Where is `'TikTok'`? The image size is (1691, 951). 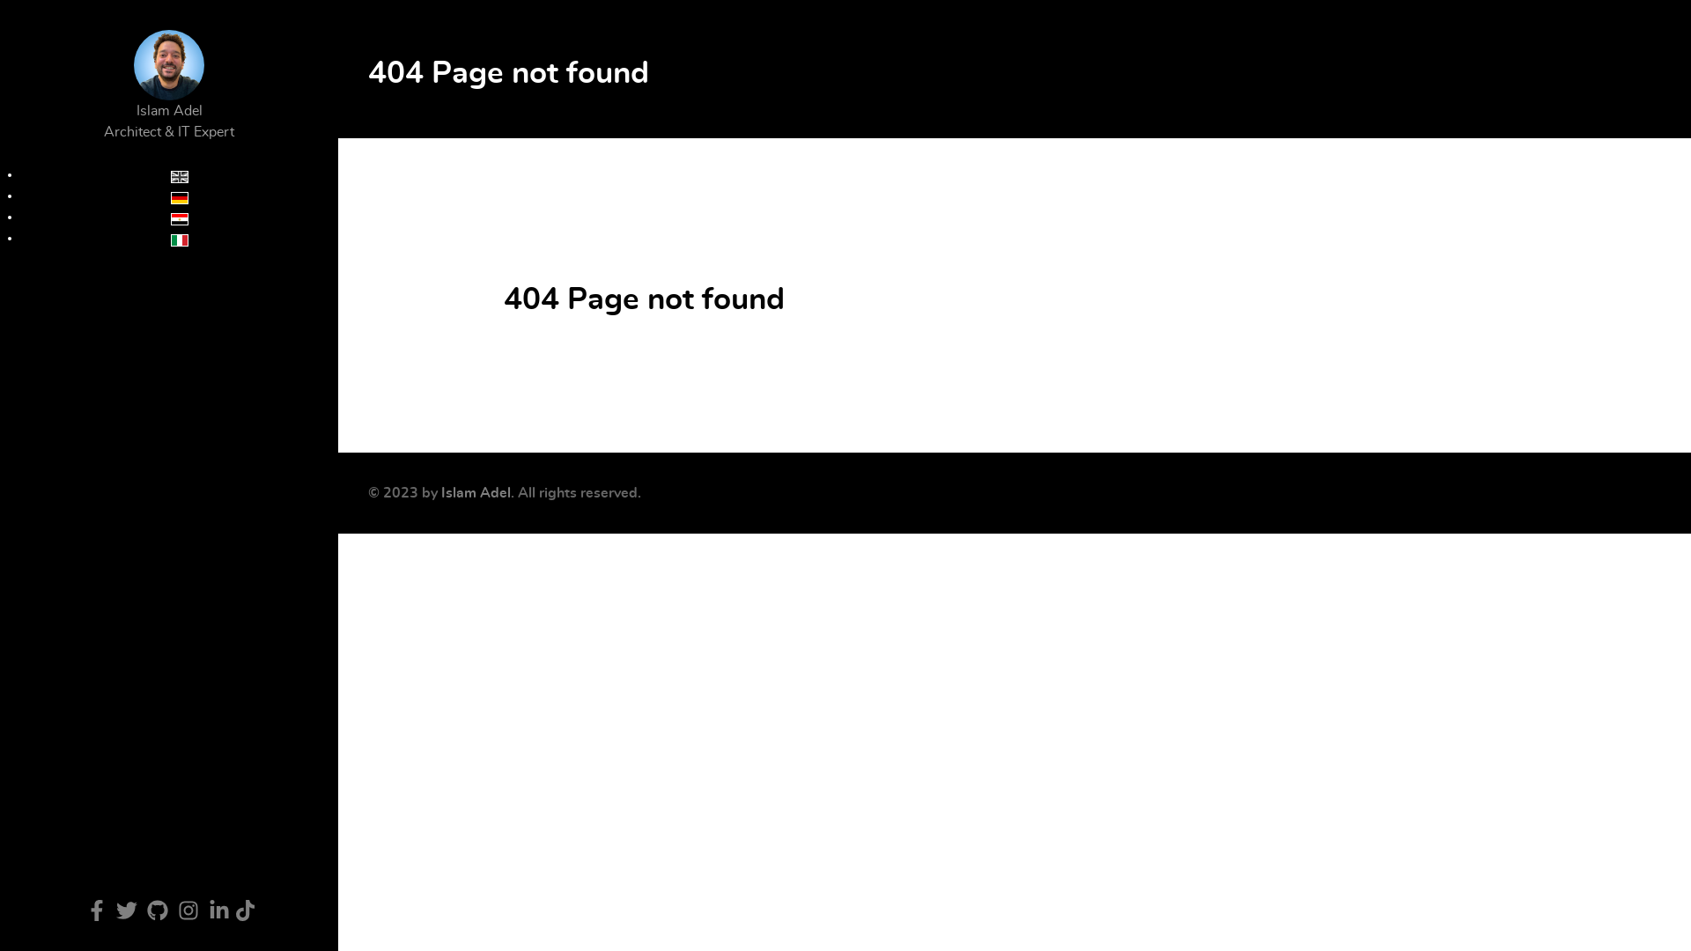 'TikTok' is located at coordinates (244, 910).